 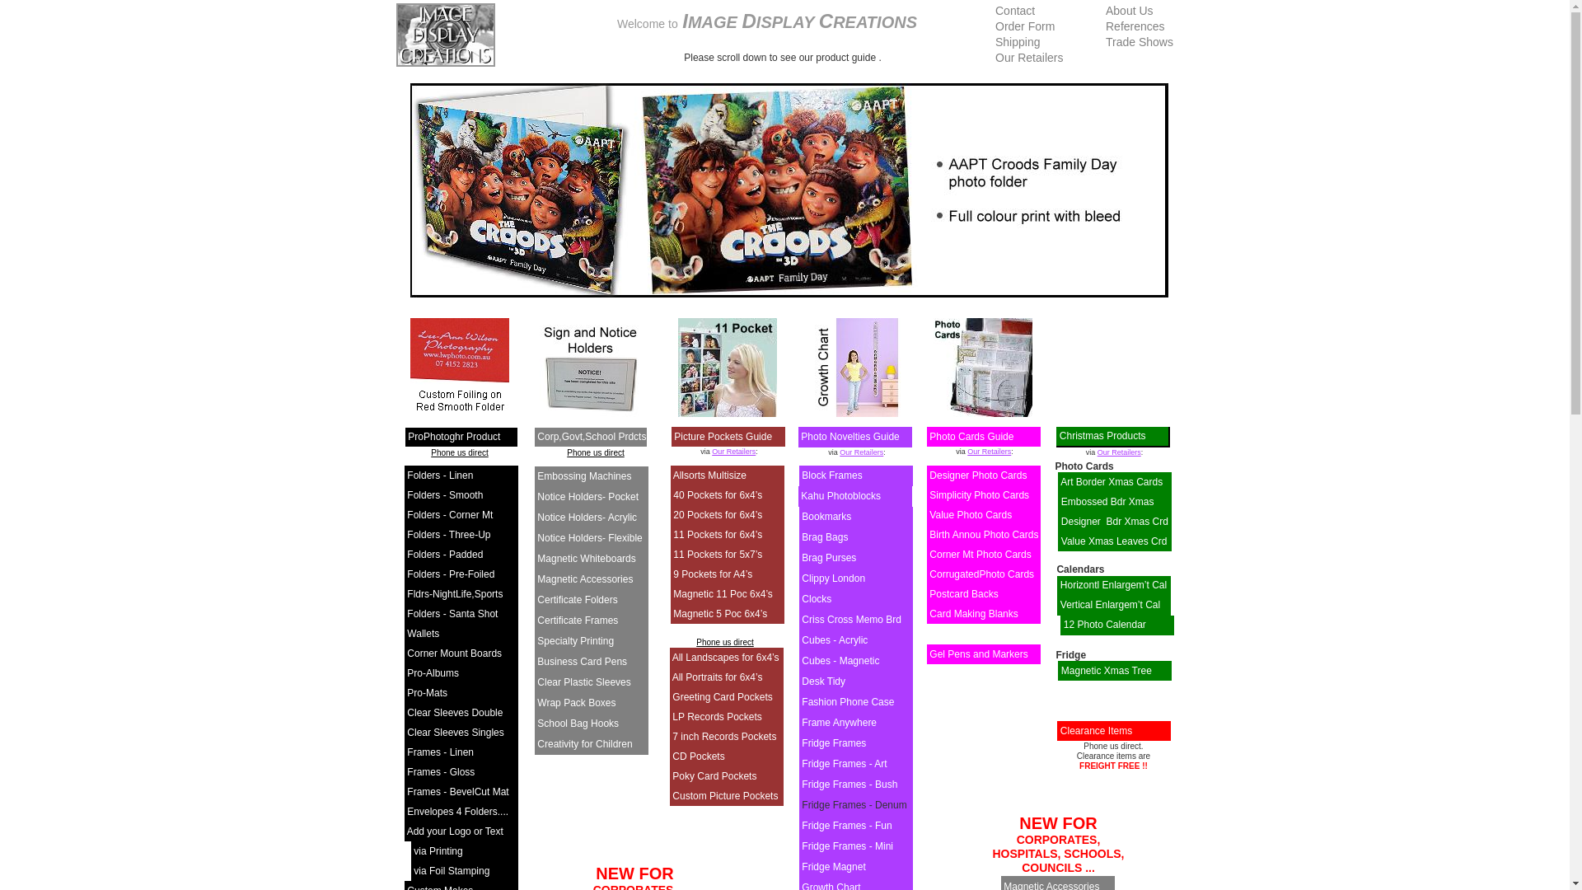 What do you see at coordinates (844, 763) in the screenshot?
I see `'Fridge Frames - Art'` at bounding box center [844, 763].